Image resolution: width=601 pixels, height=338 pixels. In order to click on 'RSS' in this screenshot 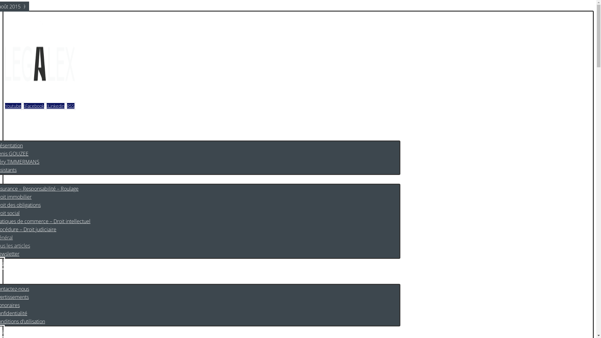, I will do `click(70, 105)`.